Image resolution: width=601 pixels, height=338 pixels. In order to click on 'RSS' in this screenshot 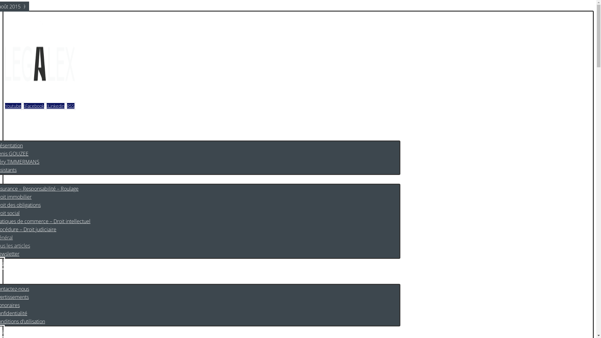, I will do `click(70, 105)`.